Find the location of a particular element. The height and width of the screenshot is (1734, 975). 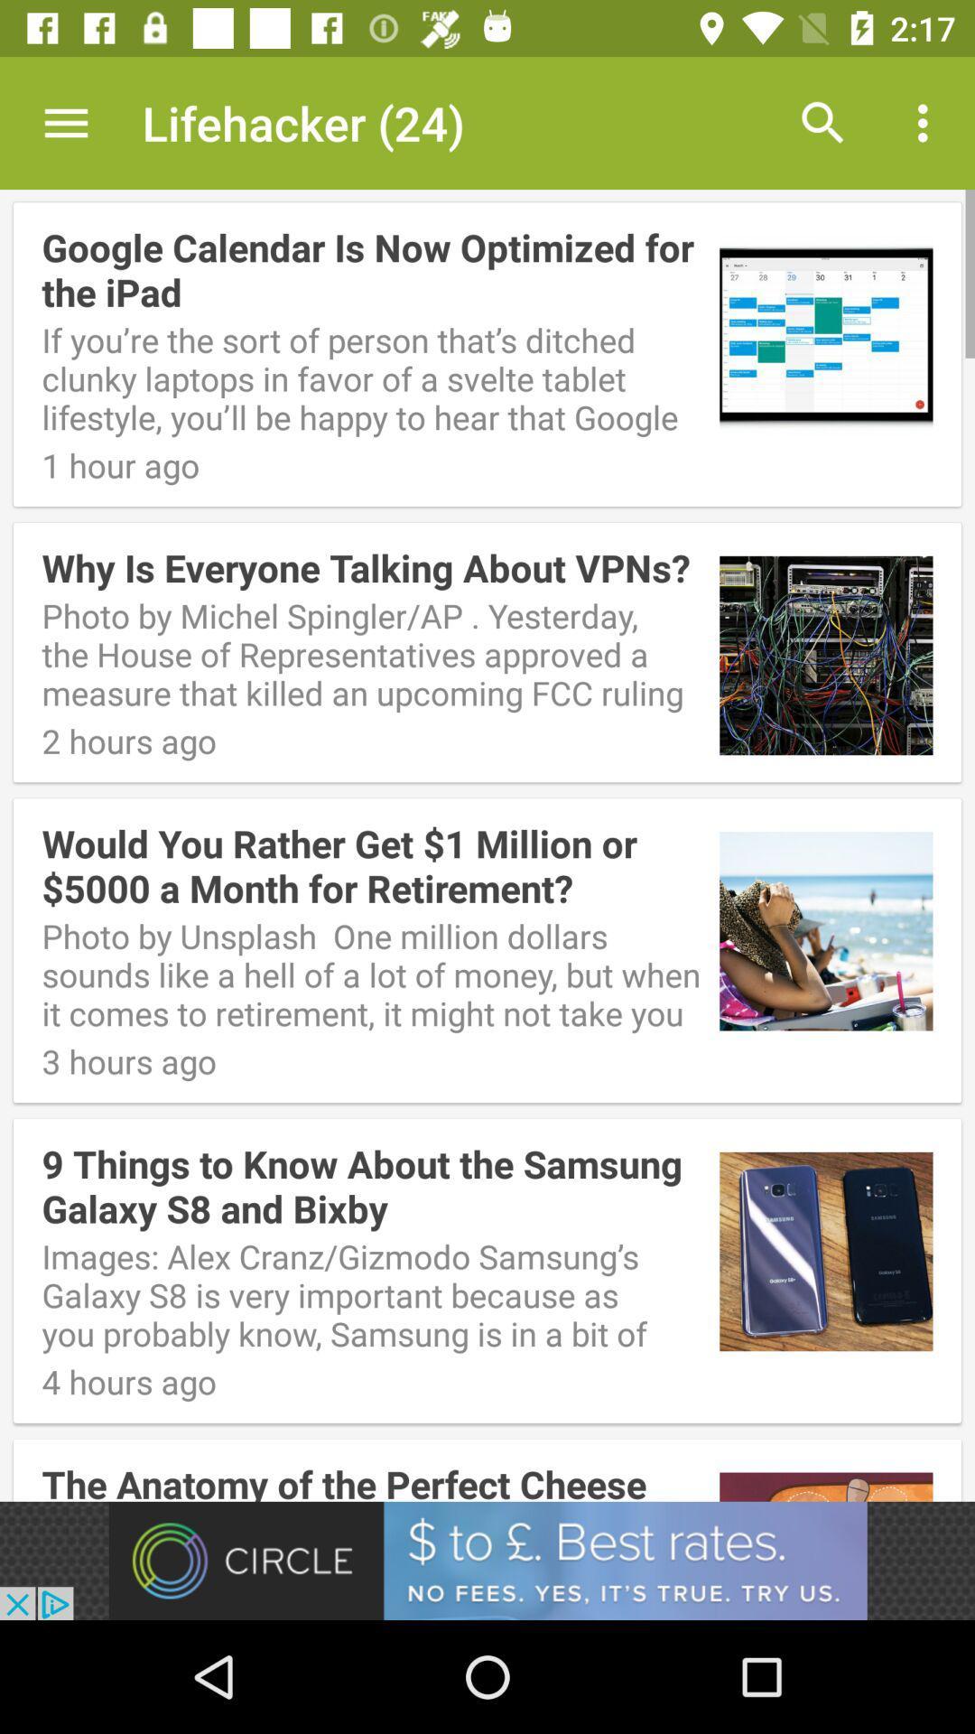

circle best rates is located at coordinates (487, 1560).